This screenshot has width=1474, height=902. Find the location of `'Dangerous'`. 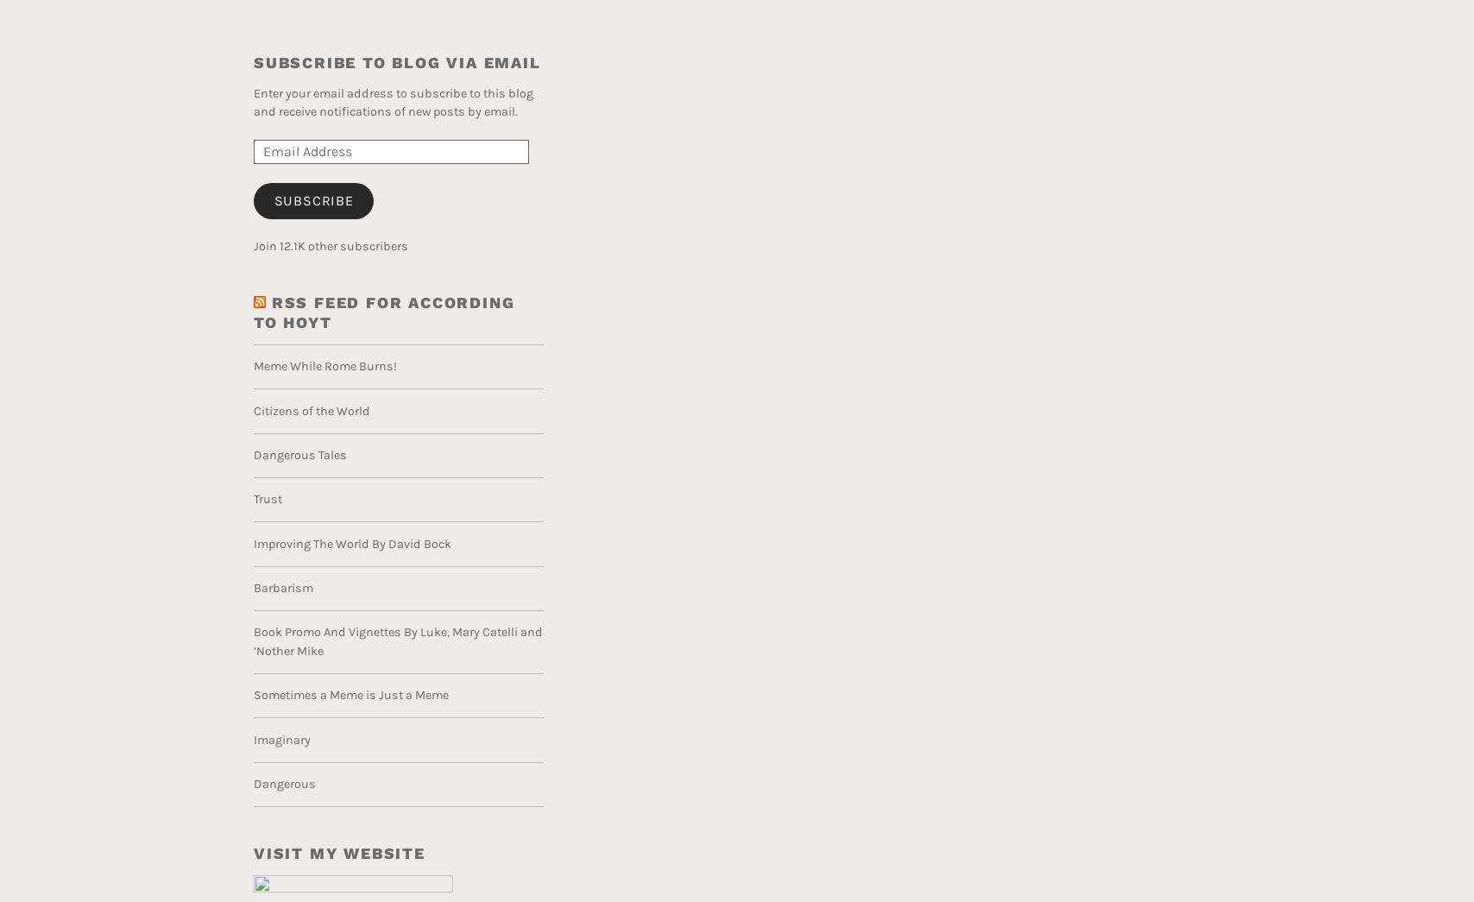

'Dangerous' is located at coordinates (284, 784).